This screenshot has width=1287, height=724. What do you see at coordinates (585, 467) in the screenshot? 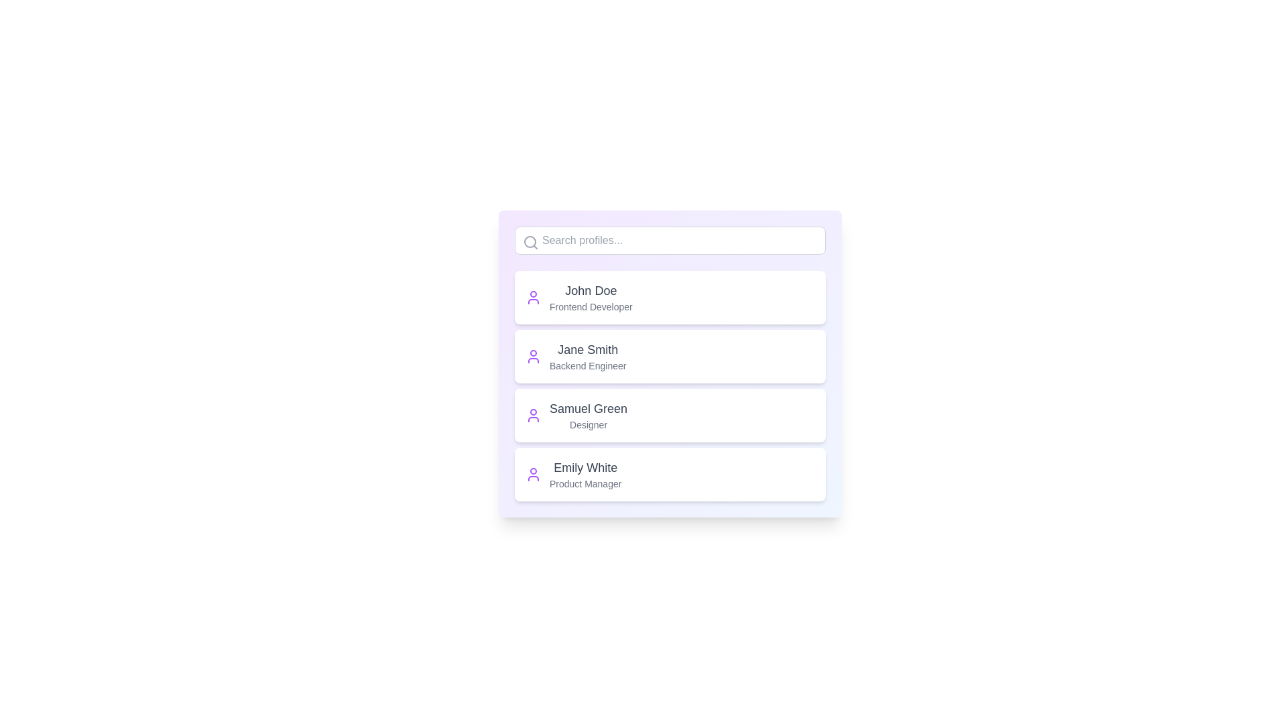
I see `the Label/Text Display that shows the name of the listed individual in the user directory, located at the bottom of the profile listing interface` at bounding box center [585, 467].